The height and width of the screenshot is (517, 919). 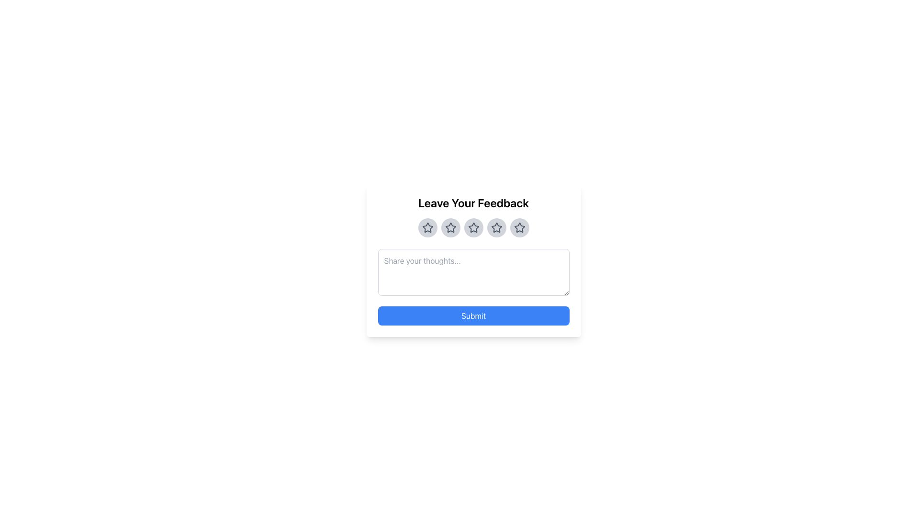 What do you see at coordinates (519, 227) in the screenshot?
I see `the fifth star icon in the rating system` at bounding box center [519, 227].